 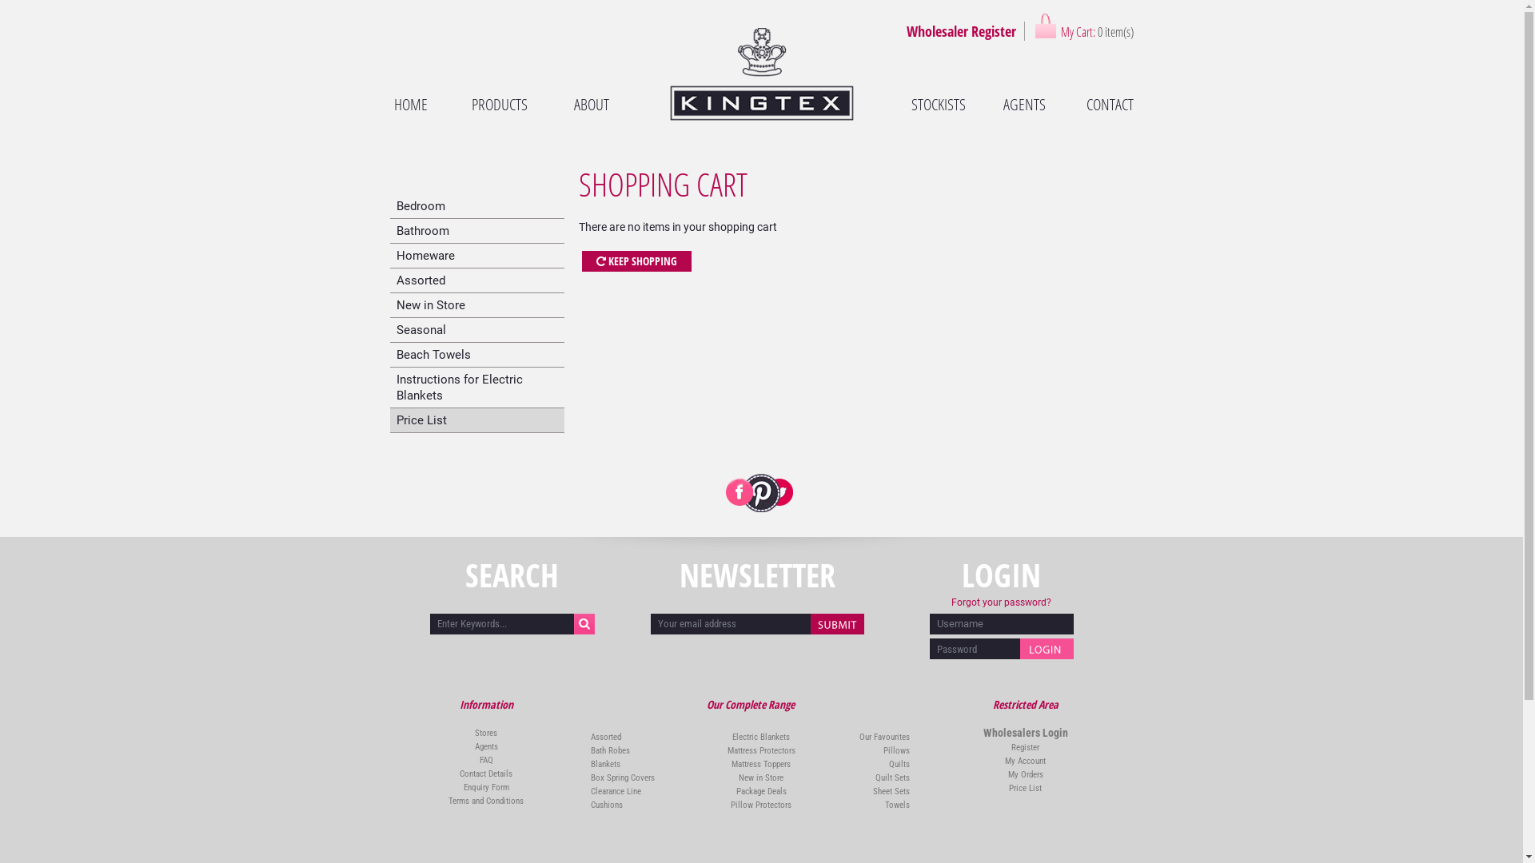 What do you see at coordinates (1083, 26) in the screenshot?
I see `'My Cart: 0 item(s)'` at bounding box center [1083, 26].